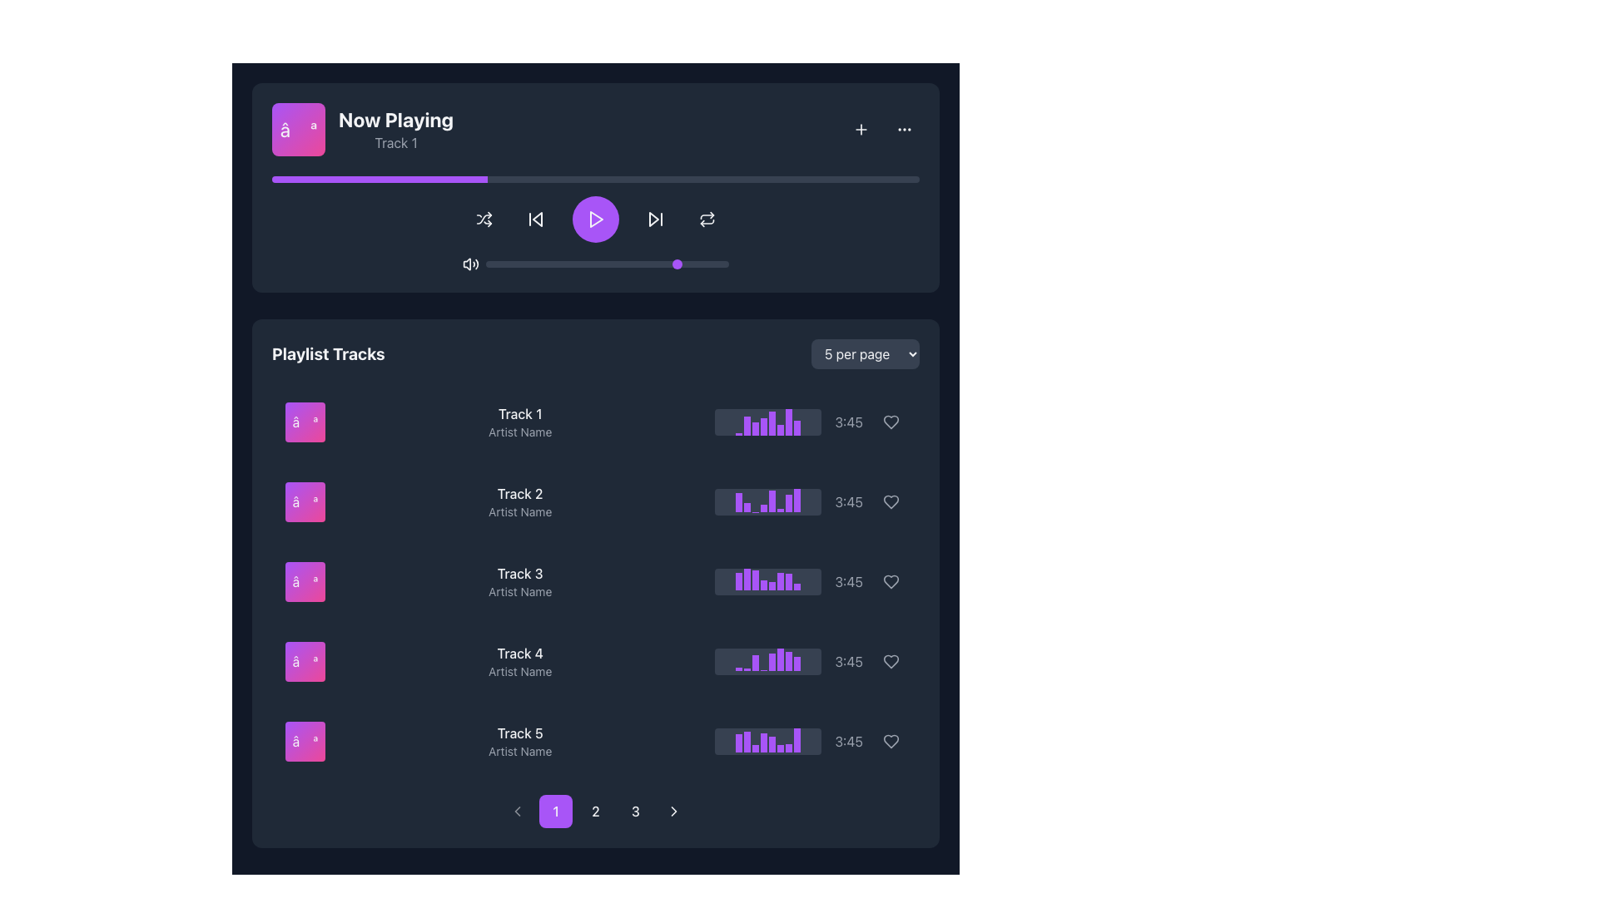  Describe the element at coordinates (305, 740) in the screenshot. I see `the musical note icon styled in white color, located in the fifth list item of the 'Playlist Tracks' section, to the left of the track details` at that location.